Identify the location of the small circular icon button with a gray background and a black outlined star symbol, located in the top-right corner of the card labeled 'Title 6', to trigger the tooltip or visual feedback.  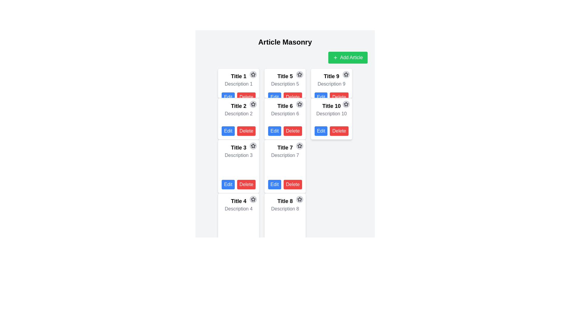
(299, 104).